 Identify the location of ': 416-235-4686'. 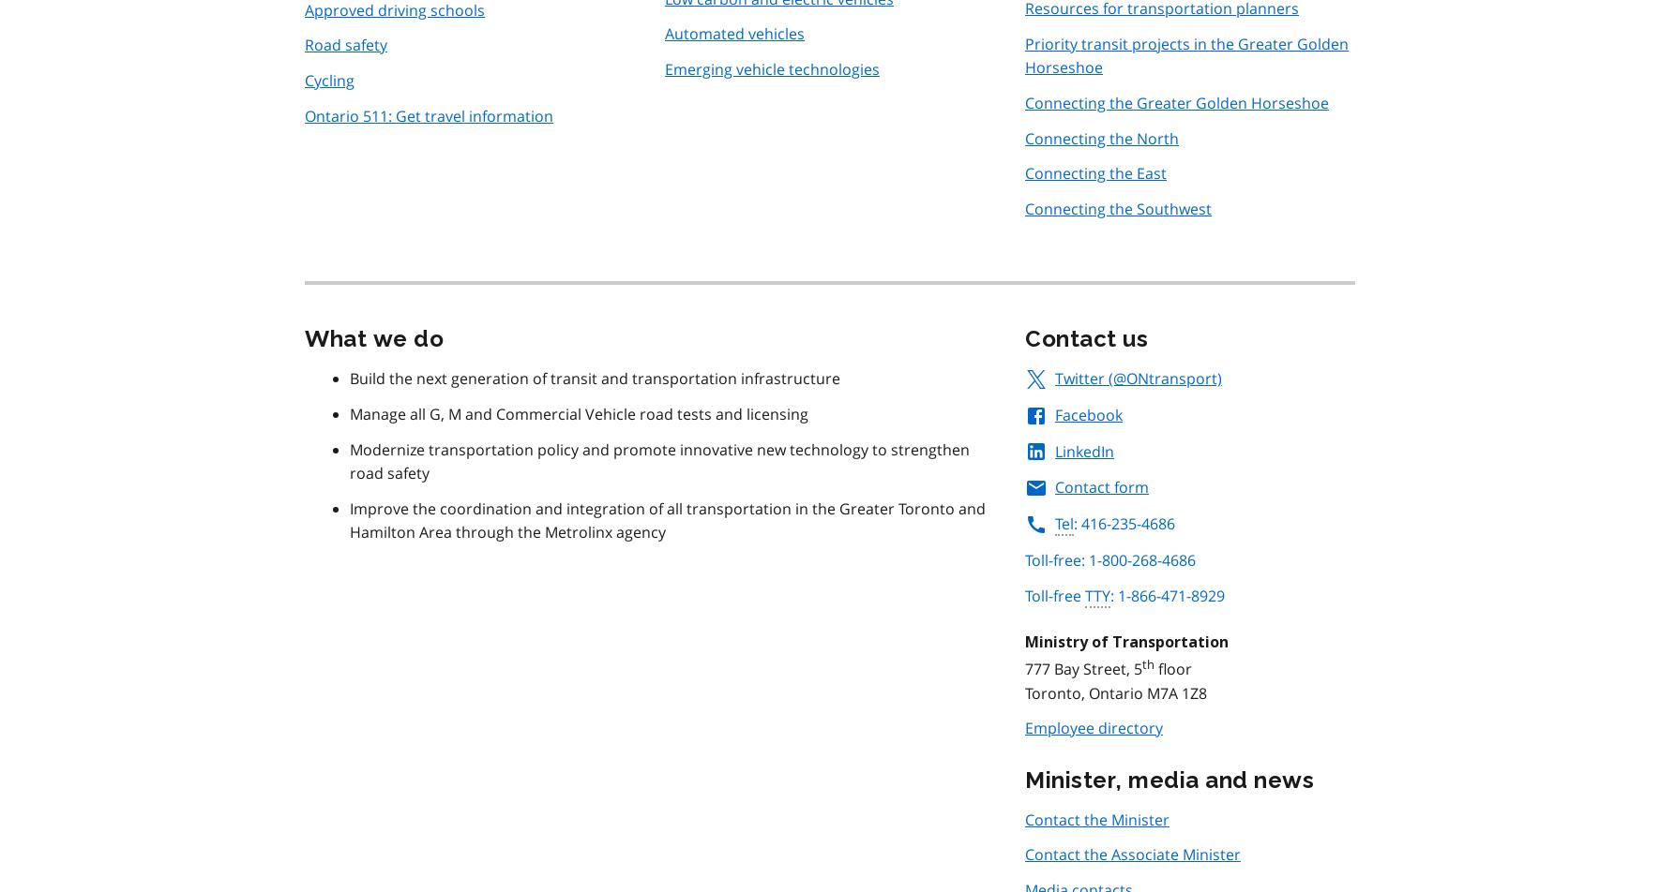
(1074, 524).